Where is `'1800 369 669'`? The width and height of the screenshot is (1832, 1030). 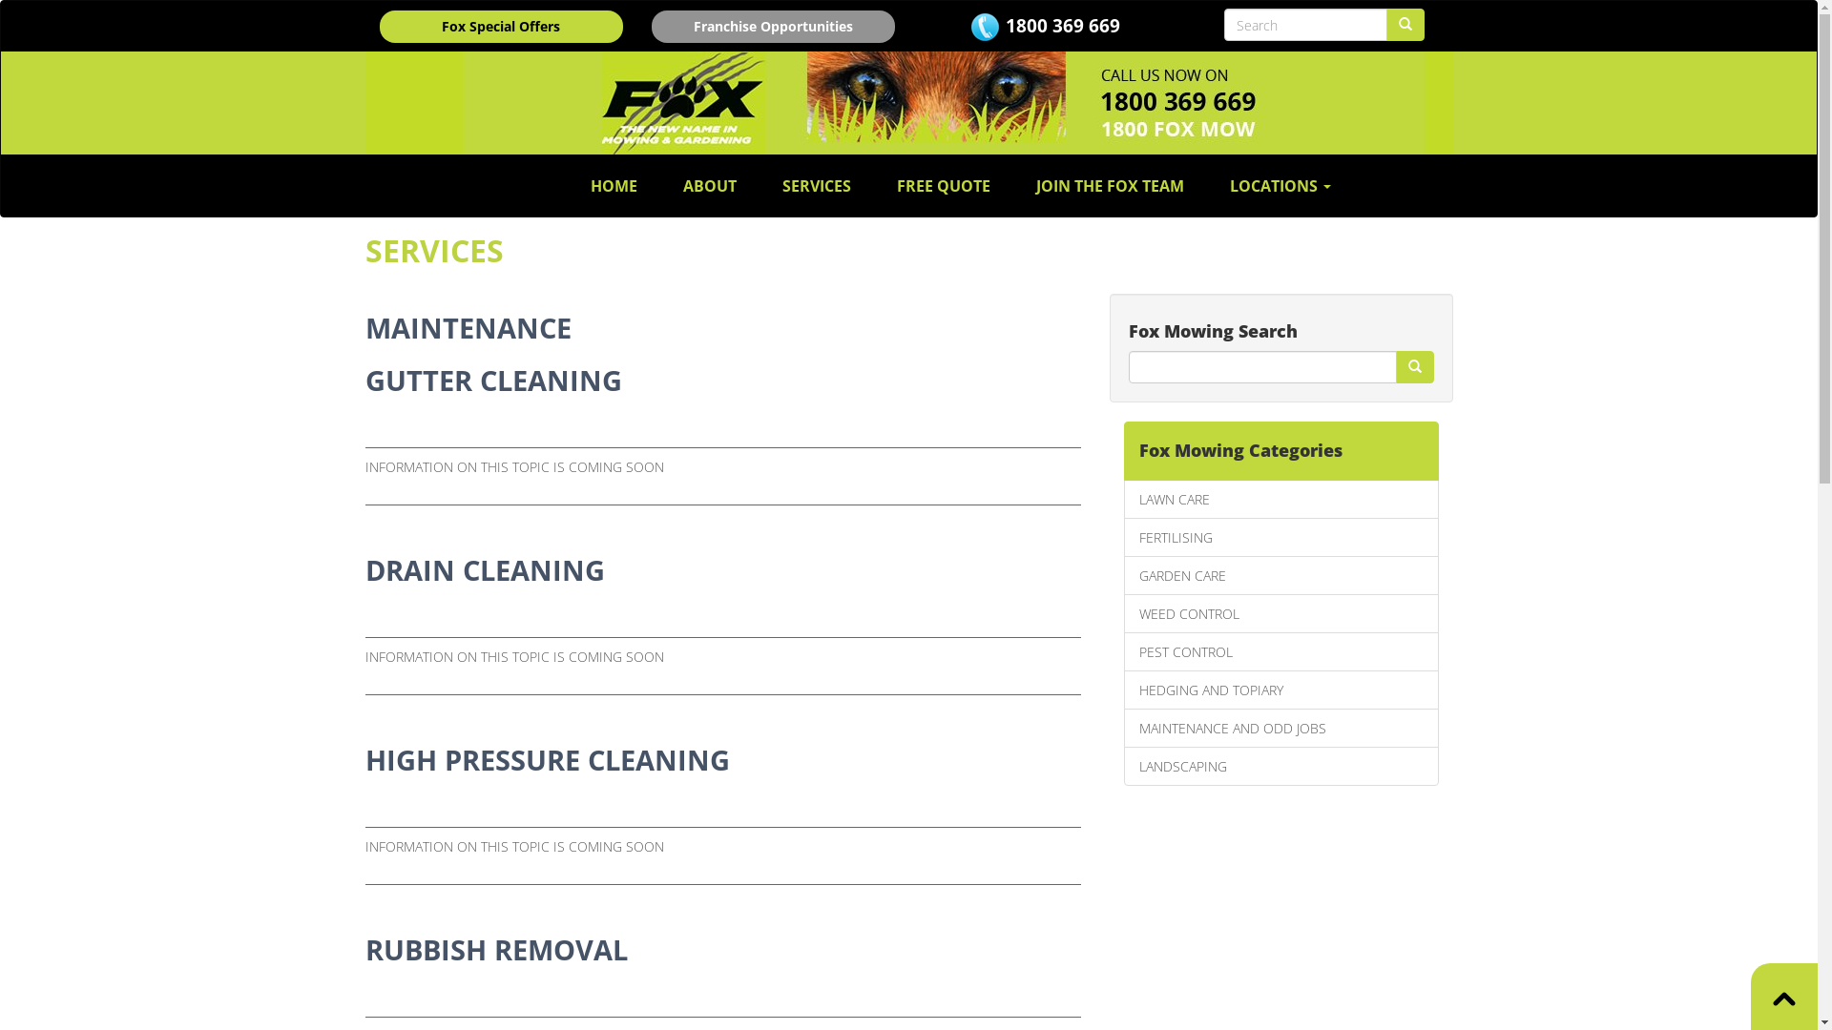 '1800 369 669' is located at coordinates (1061, 26).